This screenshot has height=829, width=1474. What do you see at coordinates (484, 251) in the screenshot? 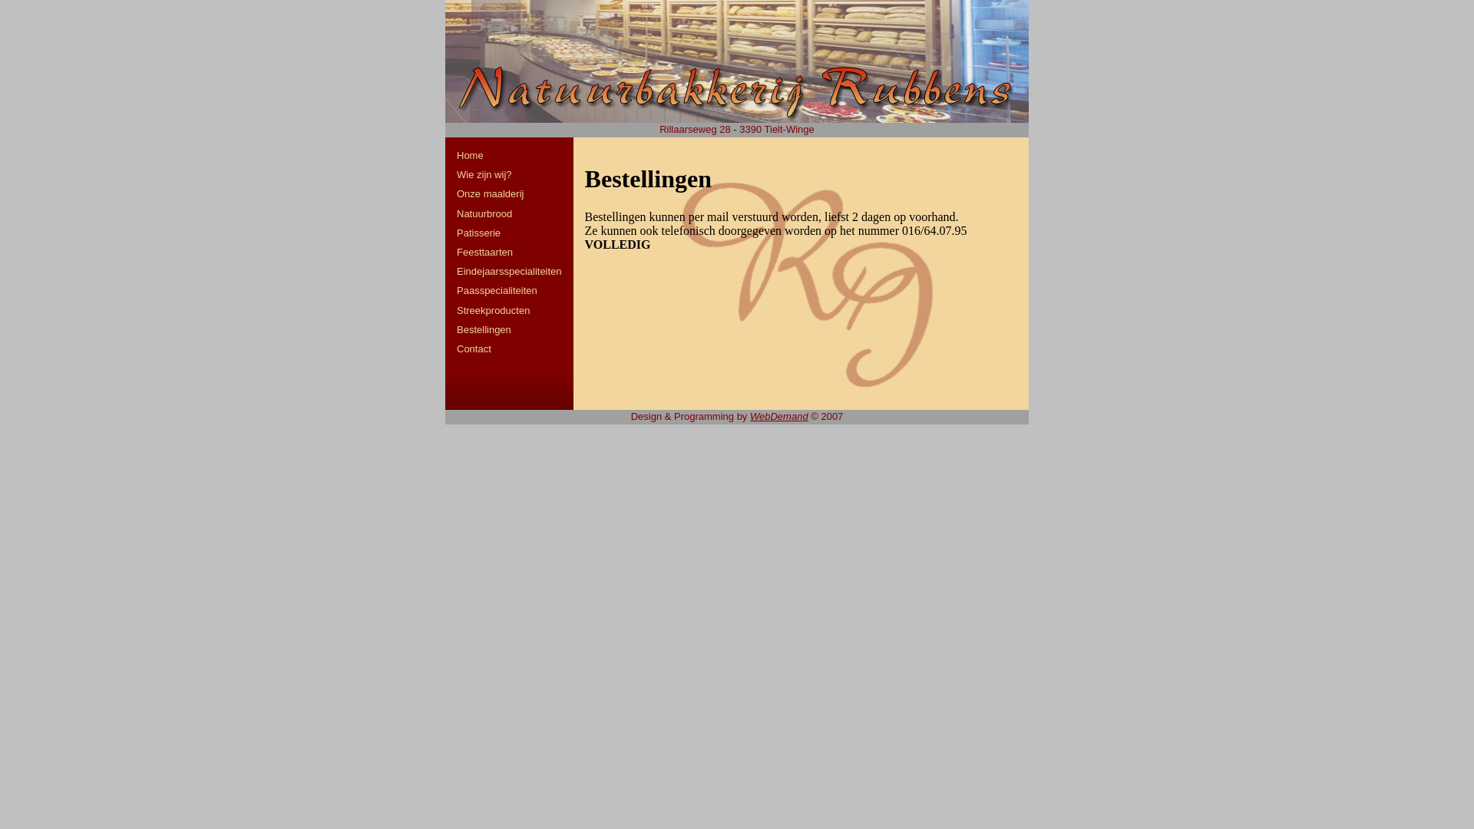
I see `'Feesttaarten'` at bounding box center [484, 251].